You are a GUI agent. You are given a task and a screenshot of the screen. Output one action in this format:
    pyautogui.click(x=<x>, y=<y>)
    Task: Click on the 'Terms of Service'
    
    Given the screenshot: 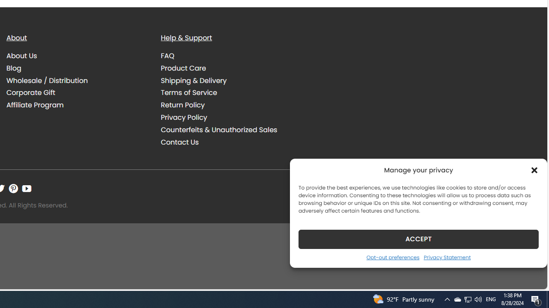 What is the action you would take?
    pyautogui.click(x=232, y=92)
    